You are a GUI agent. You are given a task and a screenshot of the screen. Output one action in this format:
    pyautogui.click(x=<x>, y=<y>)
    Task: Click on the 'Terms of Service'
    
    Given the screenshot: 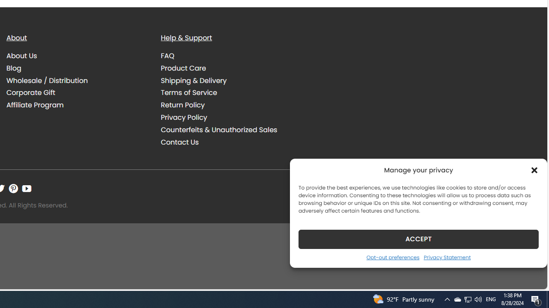 What is the action you would take?
    pyautogui.click(x=232, y=92)
    